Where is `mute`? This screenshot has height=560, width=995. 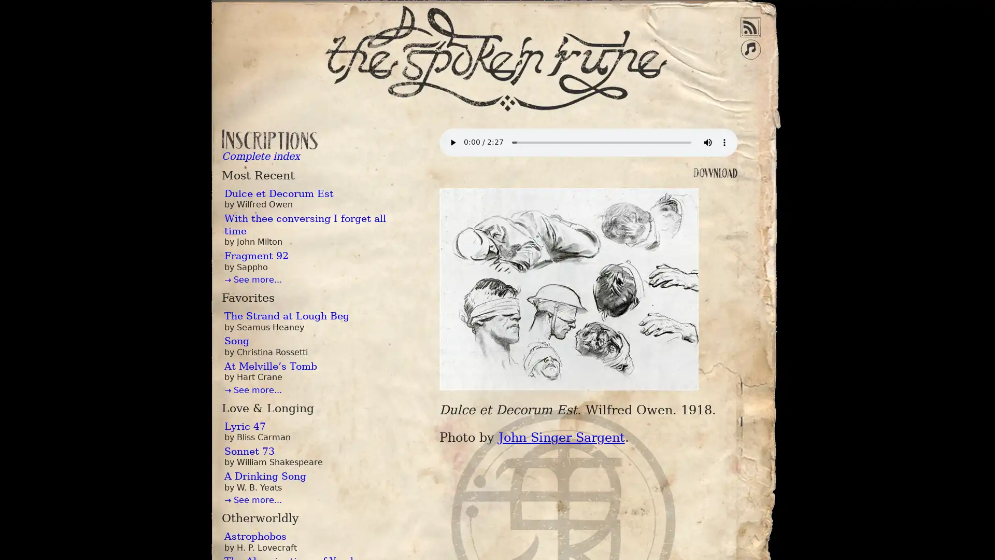
mute is located at coordinates (706, 142).